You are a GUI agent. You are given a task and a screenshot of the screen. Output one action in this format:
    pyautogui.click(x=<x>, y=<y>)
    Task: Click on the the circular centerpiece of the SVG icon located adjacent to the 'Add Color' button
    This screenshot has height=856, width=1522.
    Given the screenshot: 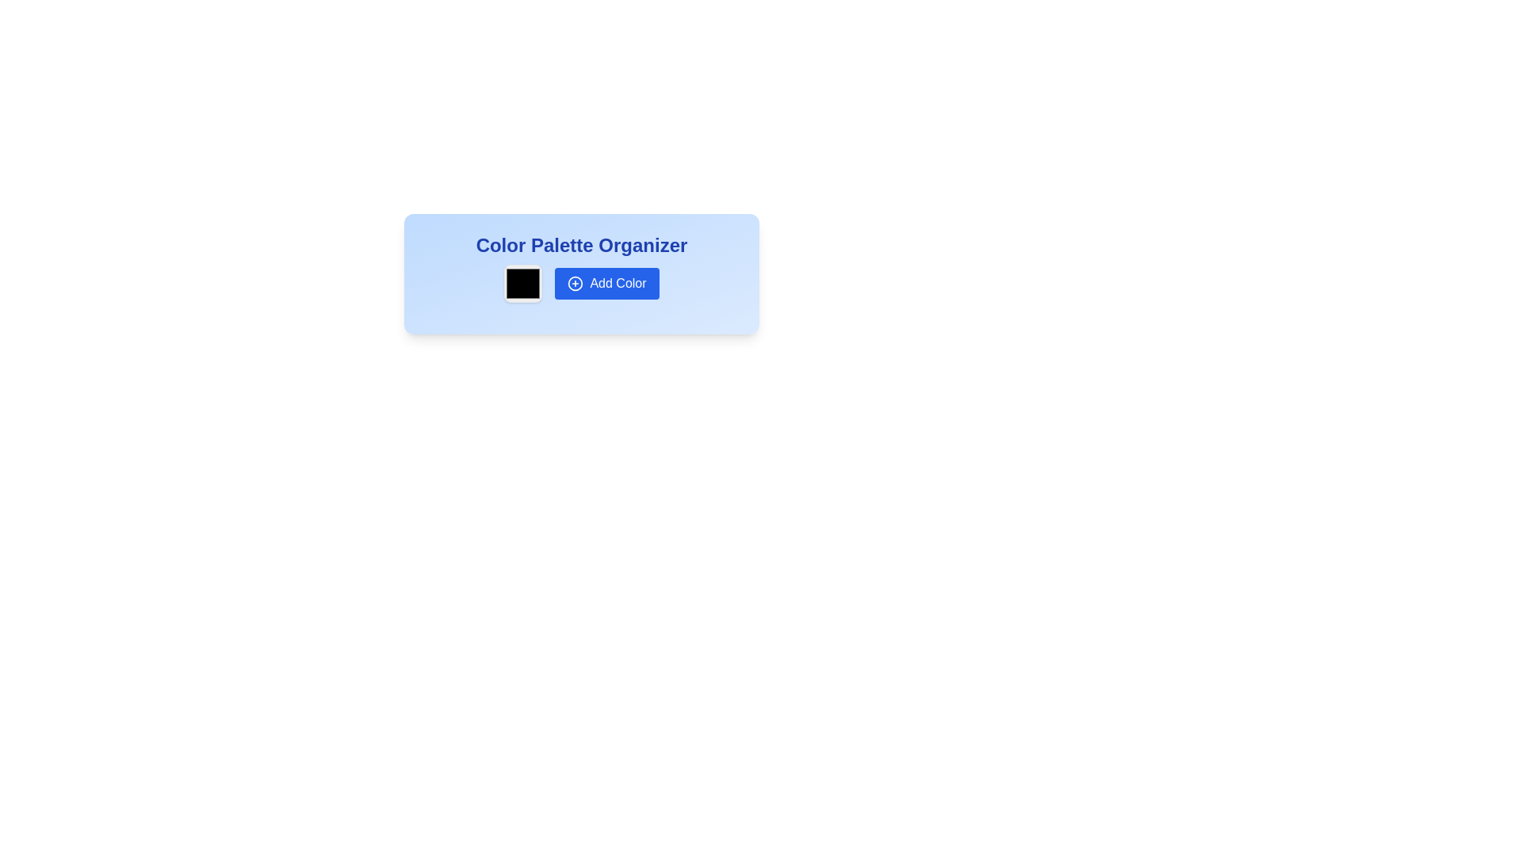 What is the action you would take?
    pyautogui.click(x=575, y=283)
    